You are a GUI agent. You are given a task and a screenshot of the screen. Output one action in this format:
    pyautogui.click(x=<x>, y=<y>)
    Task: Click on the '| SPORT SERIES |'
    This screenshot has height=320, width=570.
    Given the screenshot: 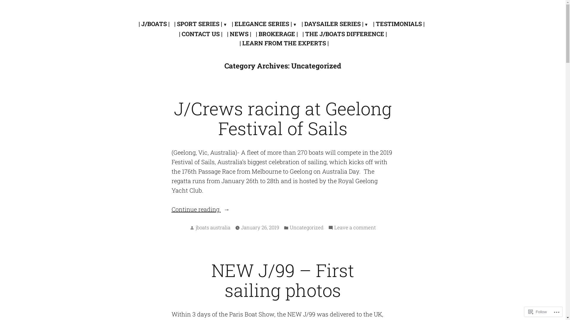 What is the action you would take?
    pyautogui.click(x=201, y=24)
    